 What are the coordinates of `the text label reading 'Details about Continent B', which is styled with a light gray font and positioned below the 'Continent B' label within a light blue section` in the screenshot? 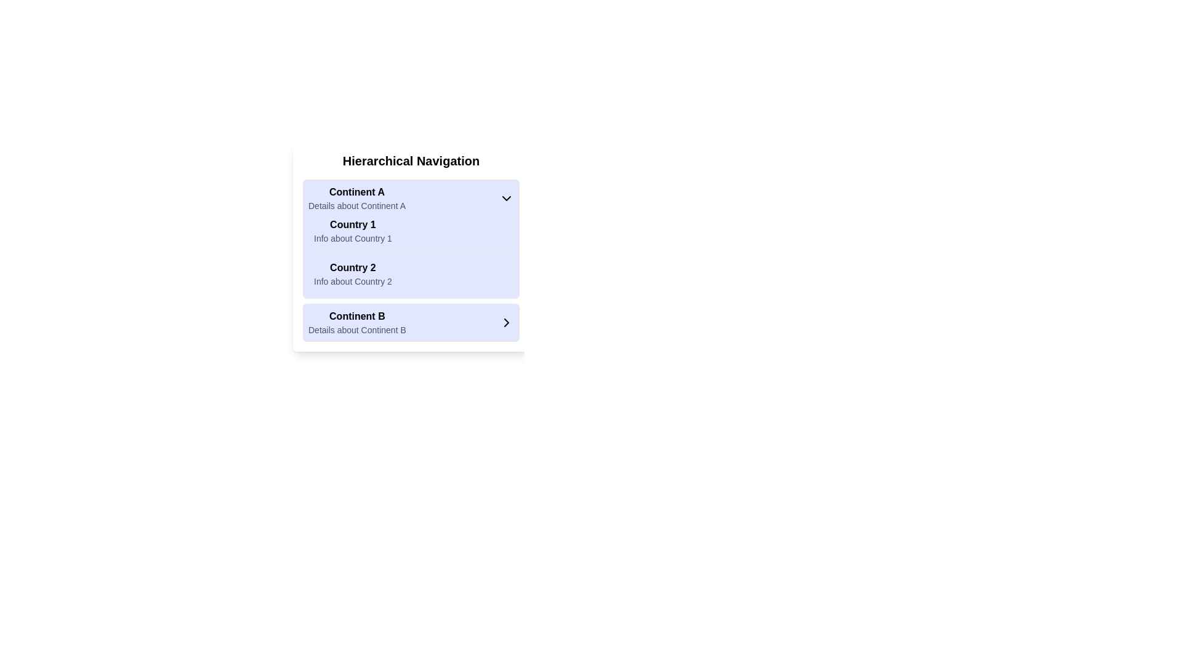 It's located at (356, 329).